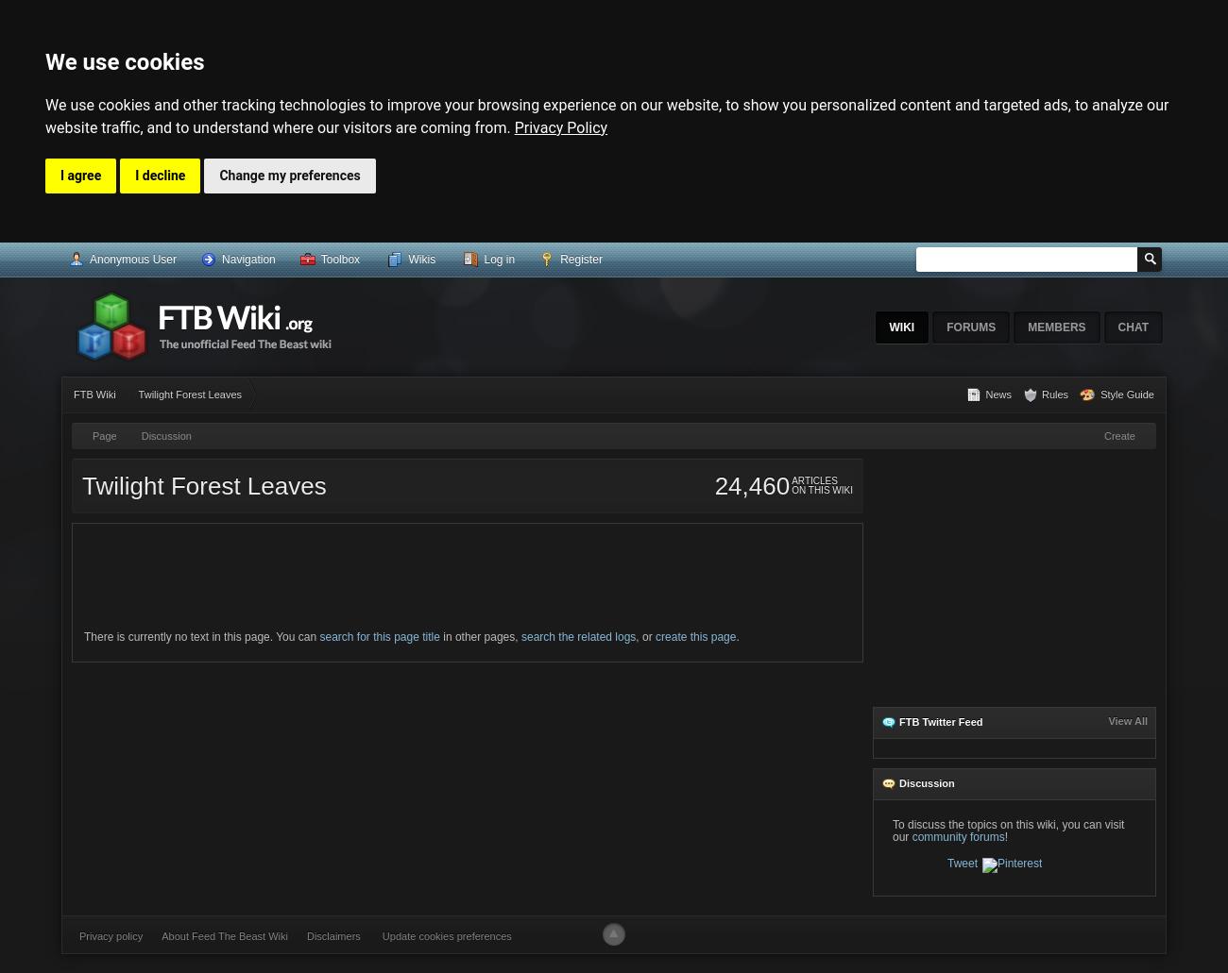  I want to click on 'Log in', so click(499, 259).